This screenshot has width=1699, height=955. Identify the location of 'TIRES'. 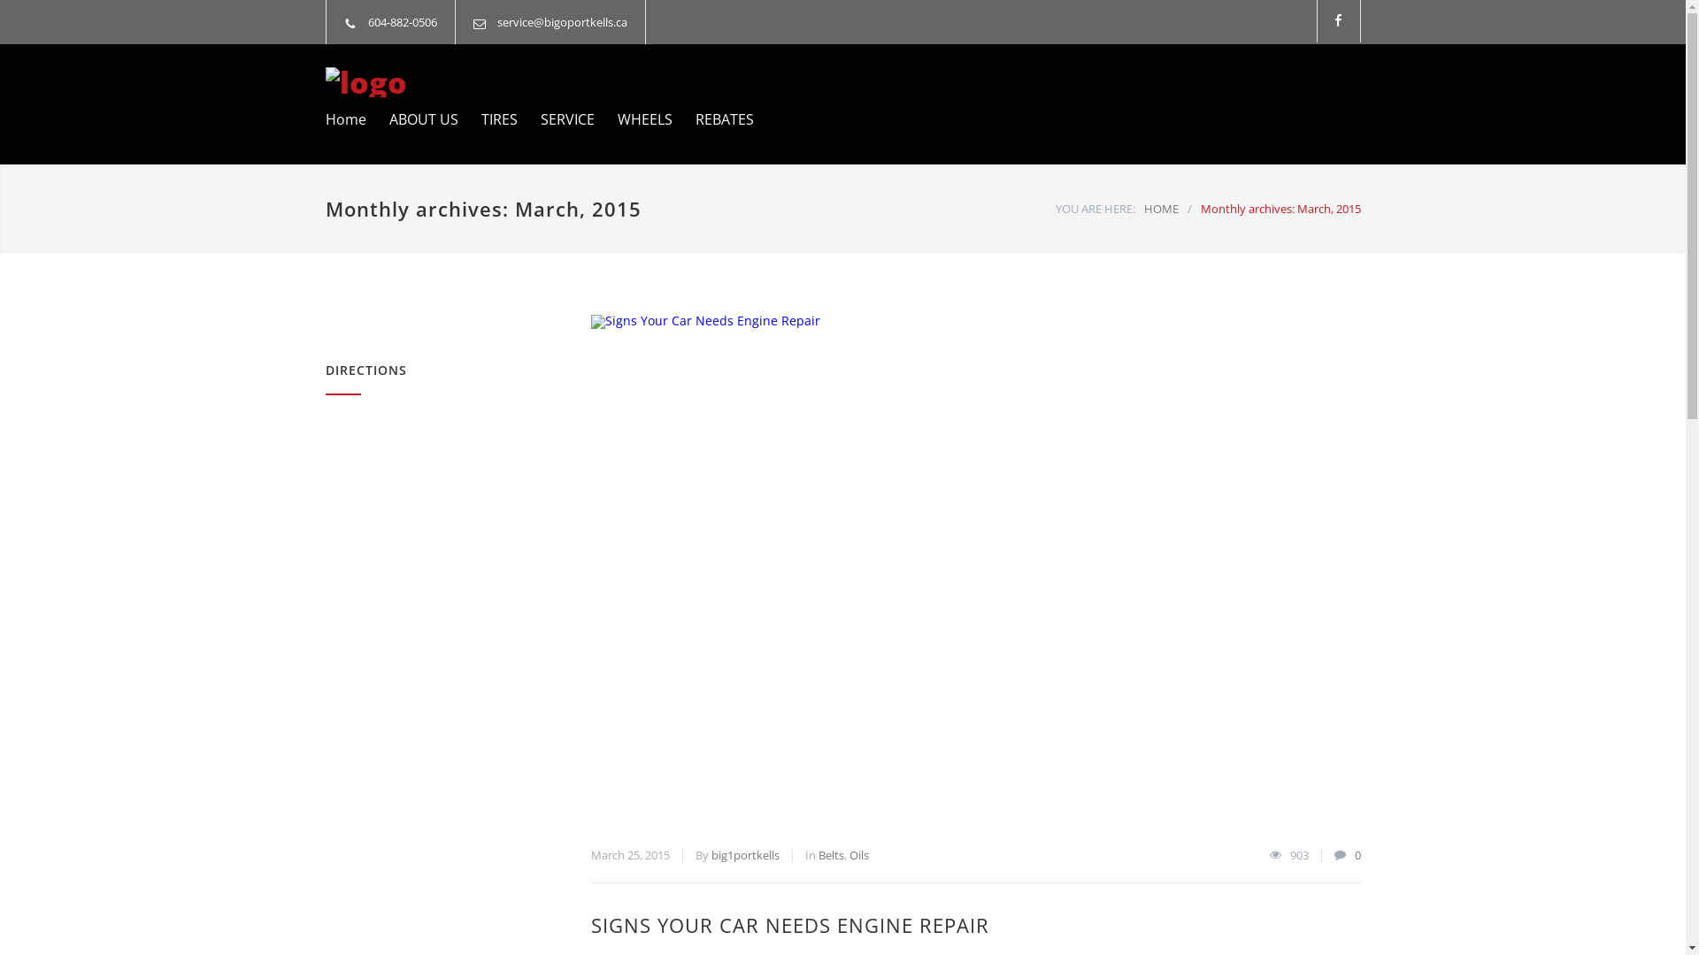
(458, 119).